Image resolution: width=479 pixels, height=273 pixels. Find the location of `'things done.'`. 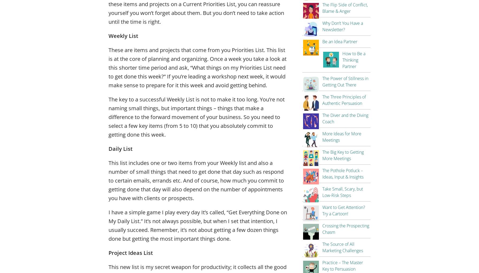

'things done.' is located at coordinates (215, 238).